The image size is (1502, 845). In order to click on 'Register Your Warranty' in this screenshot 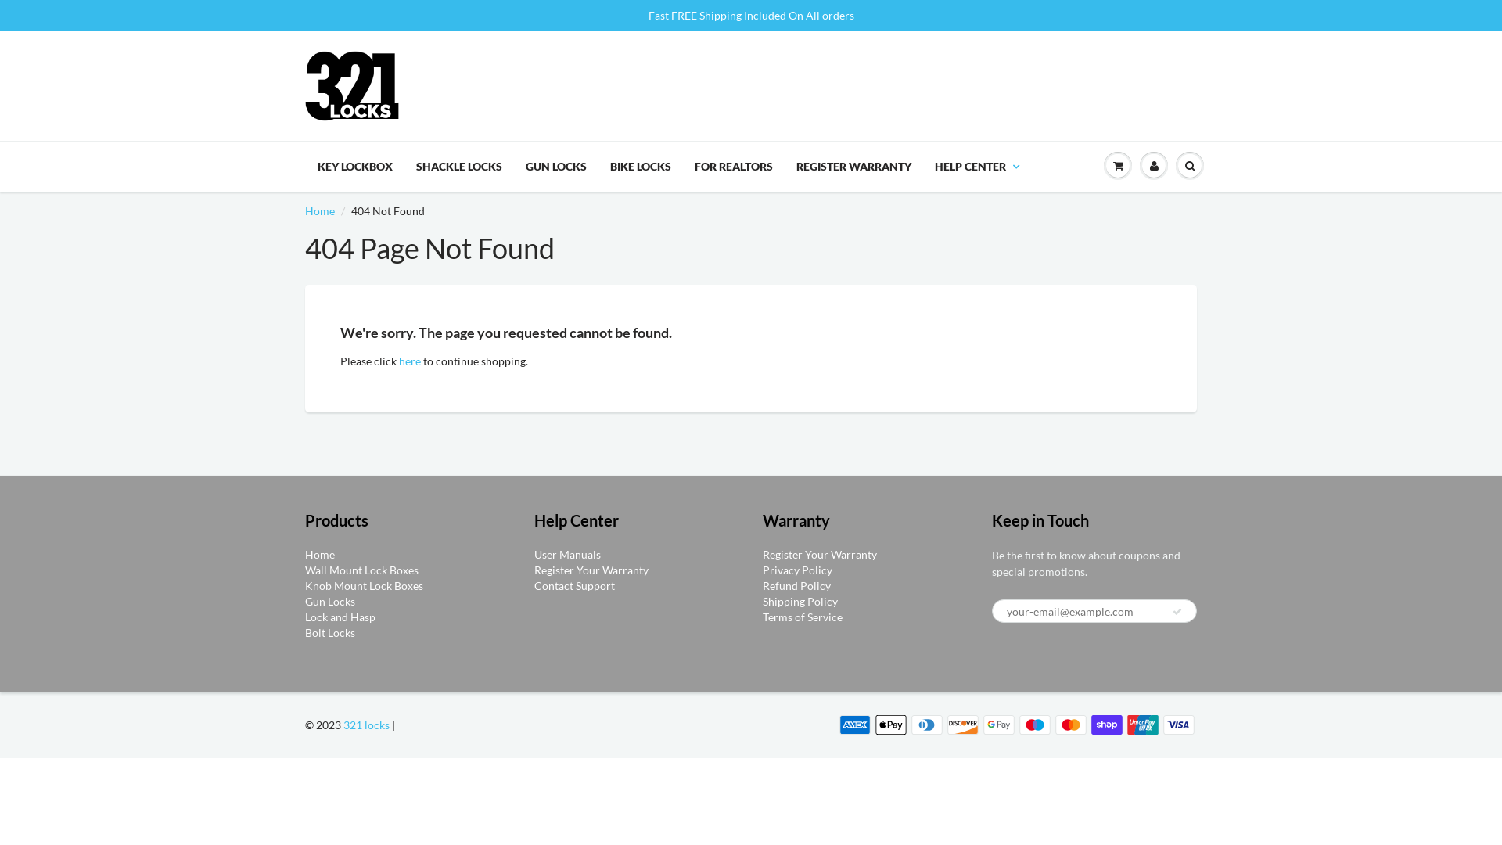, I will do `click(589, 570)`.